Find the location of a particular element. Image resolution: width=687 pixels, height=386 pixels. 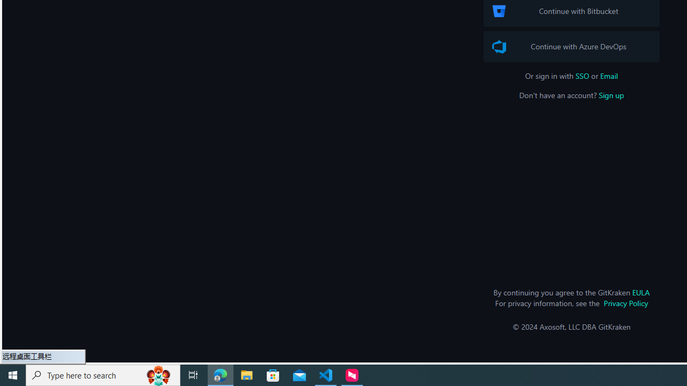

'Azure DevOps Logo' is located at coordinates (498, 46).